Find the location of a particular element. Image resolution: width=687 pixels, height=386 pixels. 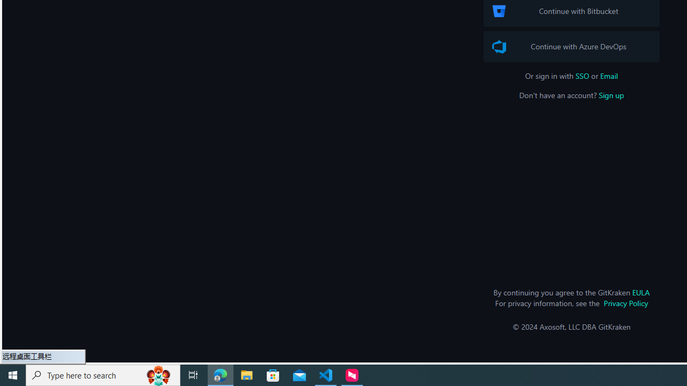

'Azure DevOps Logo' is located at coordinates (498, 46).